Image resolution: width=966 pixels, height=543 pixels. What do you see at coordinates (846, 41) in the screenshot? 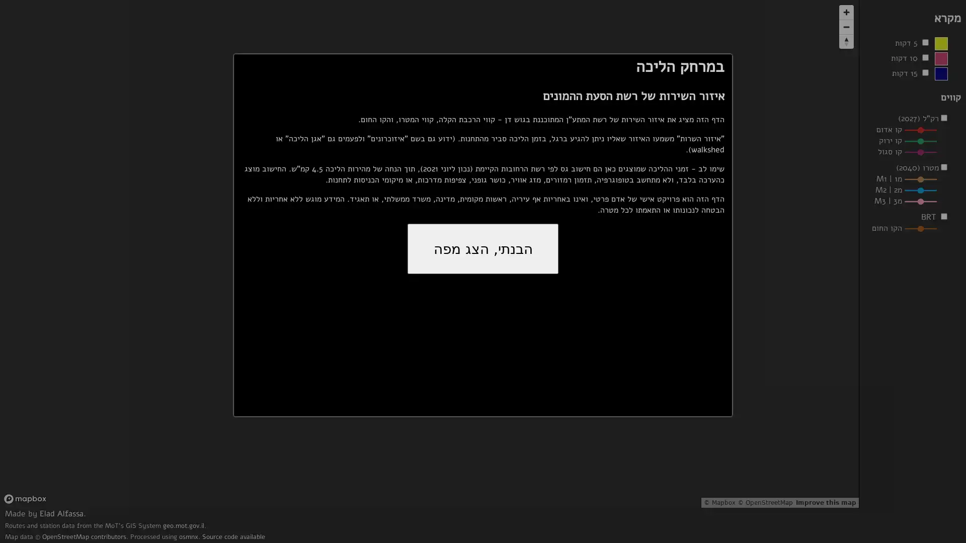
I see `Reset bearing to north` at bounding box center [846, 41].